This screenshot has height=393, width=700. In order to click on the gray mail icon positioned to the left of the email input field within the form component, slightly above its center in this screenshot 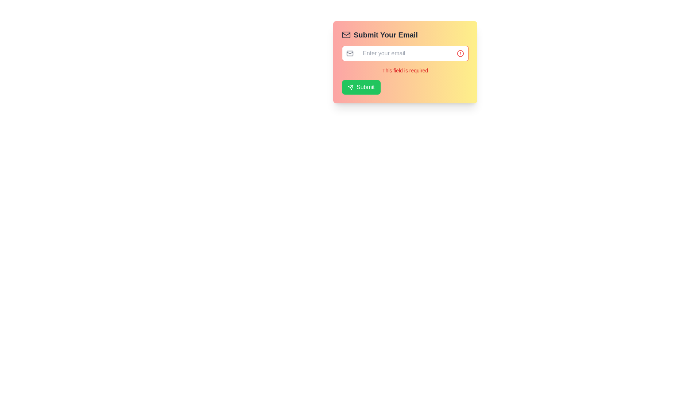, I will do `click(350, 53)`.